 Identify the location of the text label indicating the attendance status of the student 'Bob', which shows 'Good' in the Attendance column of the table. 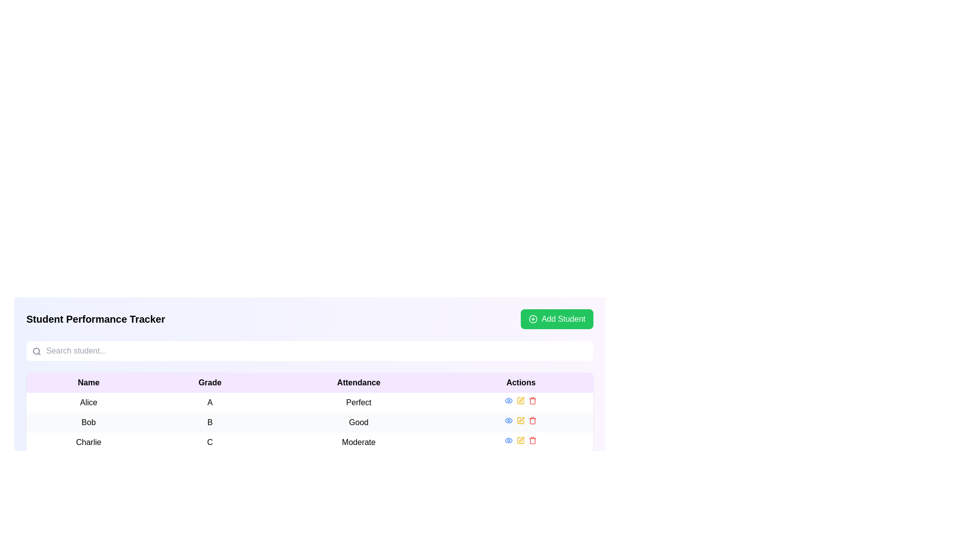
(358, 422).